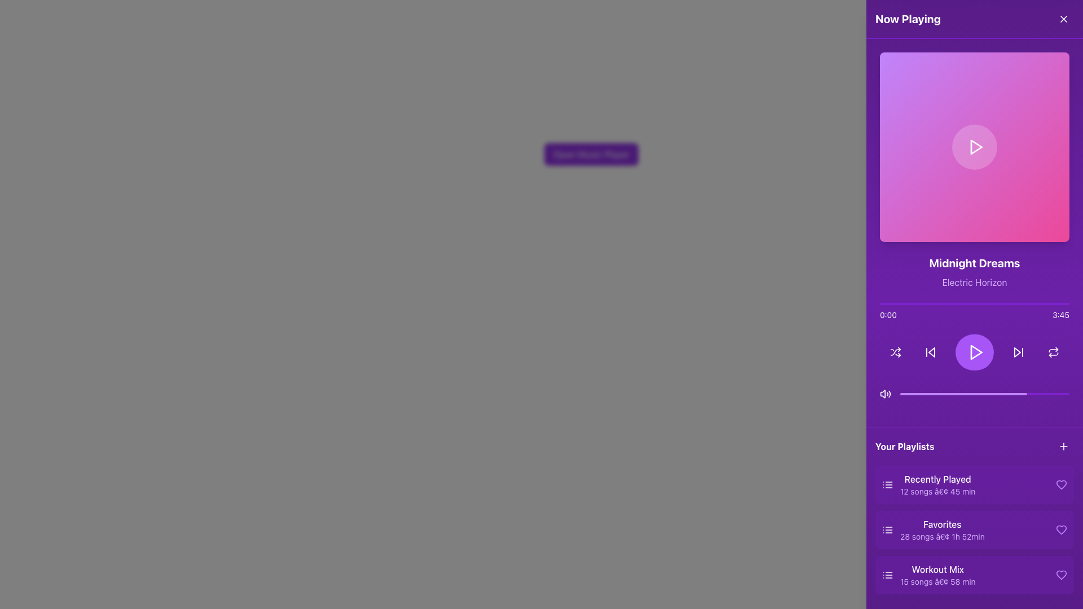 This screenshot has height=609, width=1083. Describe the element at coordinates (895, 351) in the screenshot. I see `the first button from the left in the row of control elements beneath the music track progress bar` at that location.